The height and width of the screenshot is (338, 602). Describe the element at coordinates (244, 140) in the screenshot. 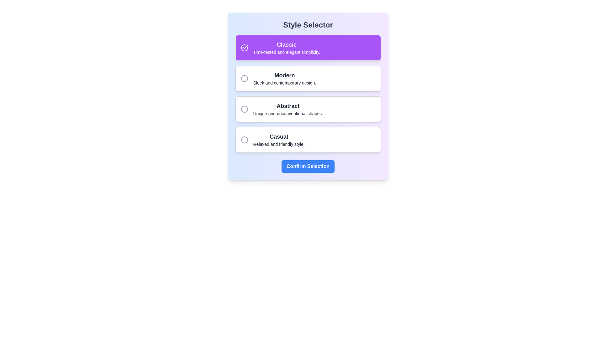

I see `the 'Casual' style radio button in the 'Style Selector' section` at that location.